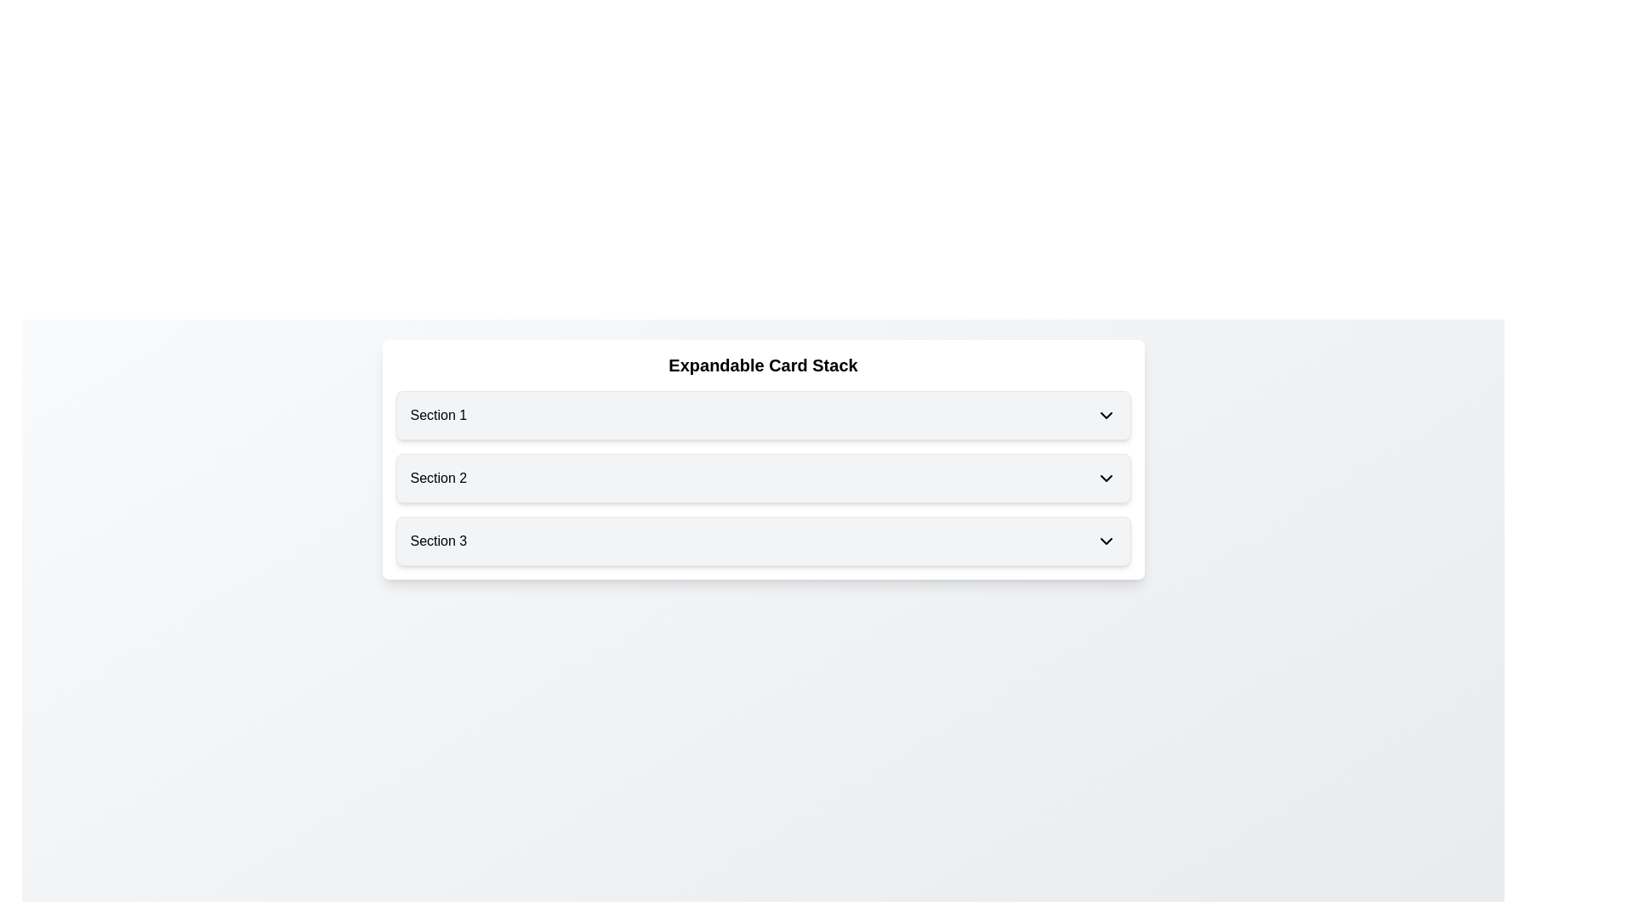 The height and width of the screenshot is (918, 1633). Describe the element at coordinates (1106, 541) in the screenshot. I see `the downward-pointing chevron icon located at the far right of the 'Section 3'` at that location.